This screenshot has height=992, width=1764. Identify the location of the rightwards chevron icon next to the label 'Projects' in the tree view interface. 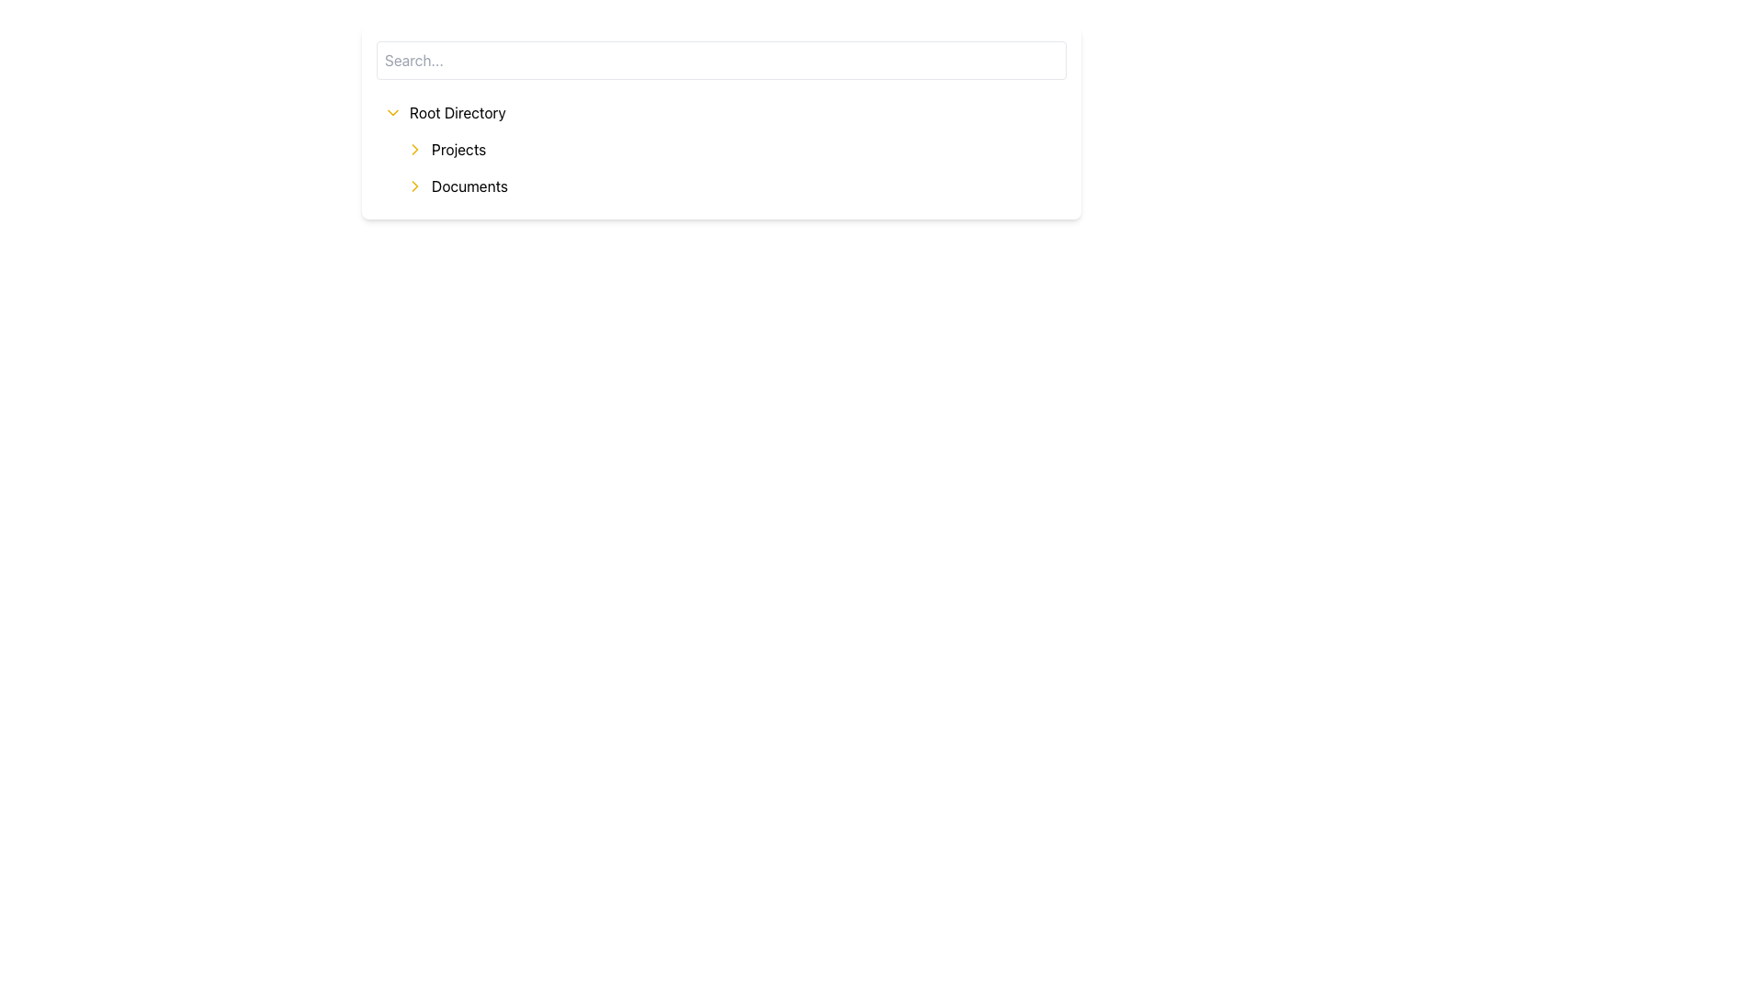
(413, 186).